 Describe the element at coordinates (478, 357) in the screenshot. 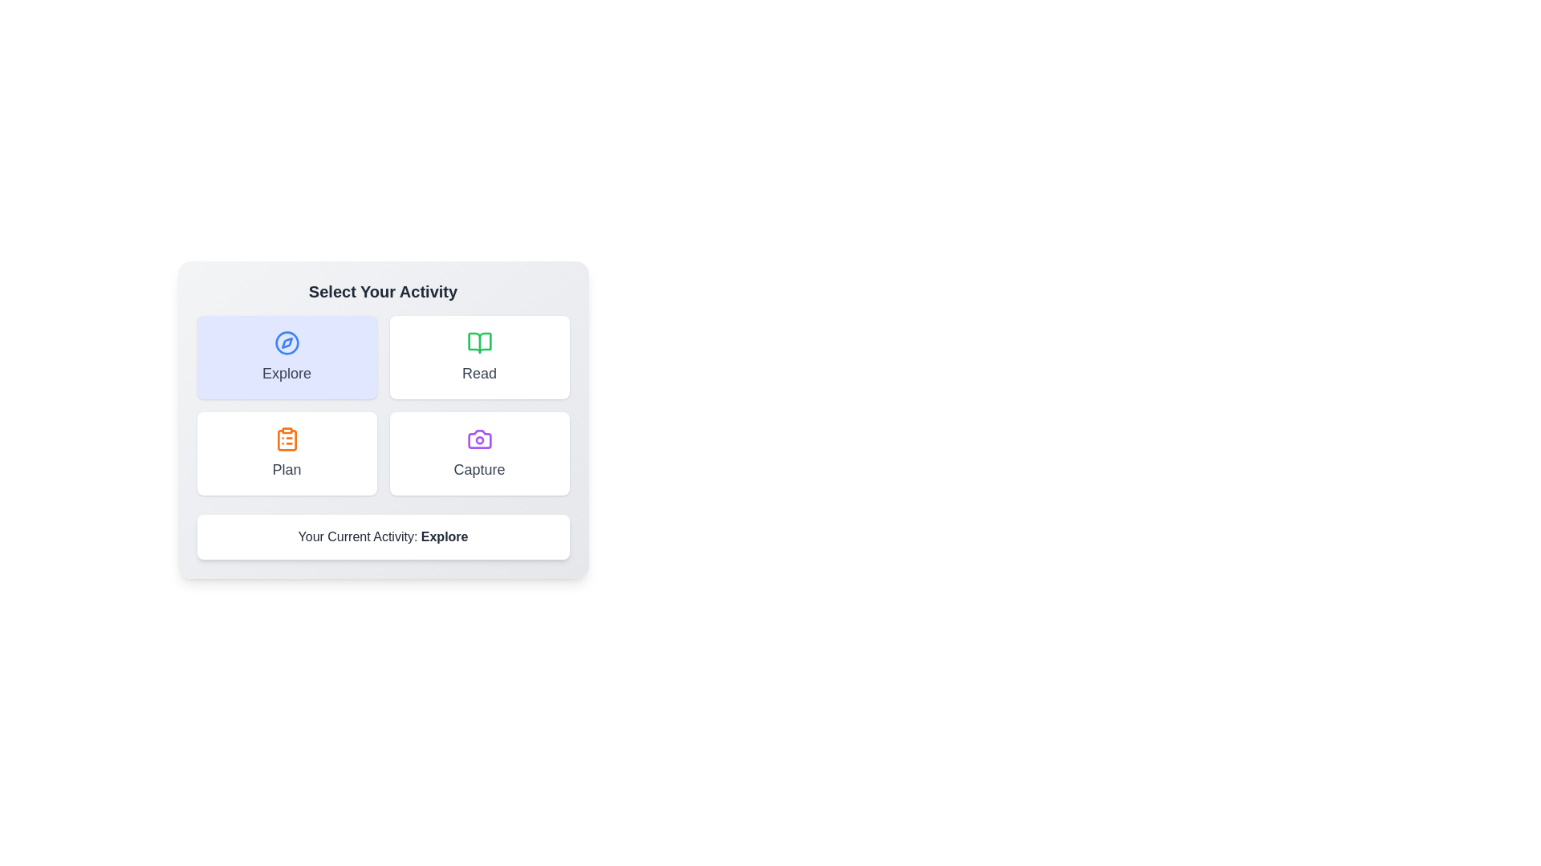

I see `the button labeled Read to observe its visual feedback` at that location.